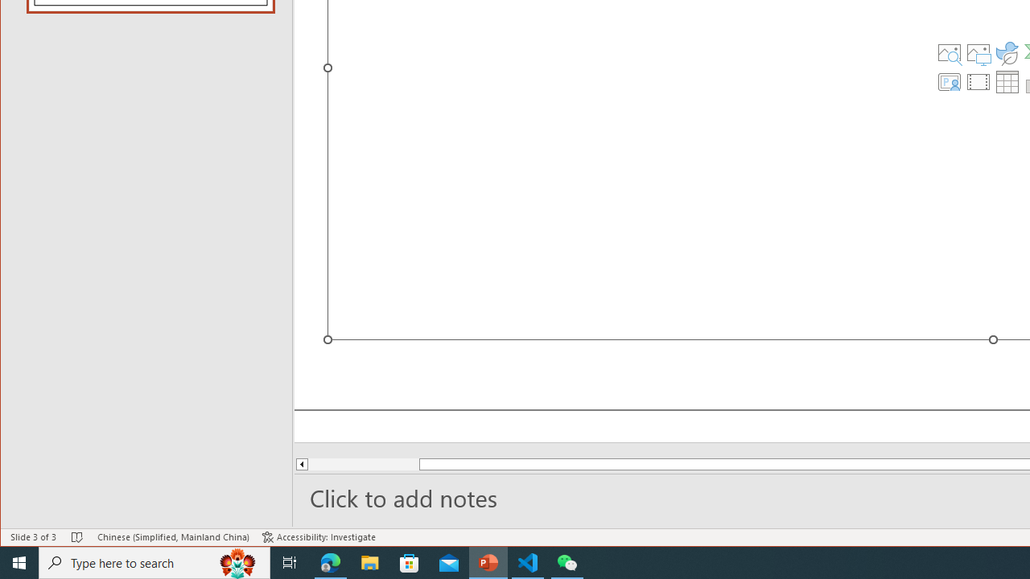 The height and width of the screenshot is (579, 1030). What do you see at coordinates (978, 81) in the screenshot?
I see `'Insert Video'` at bounding box center [978, 81].